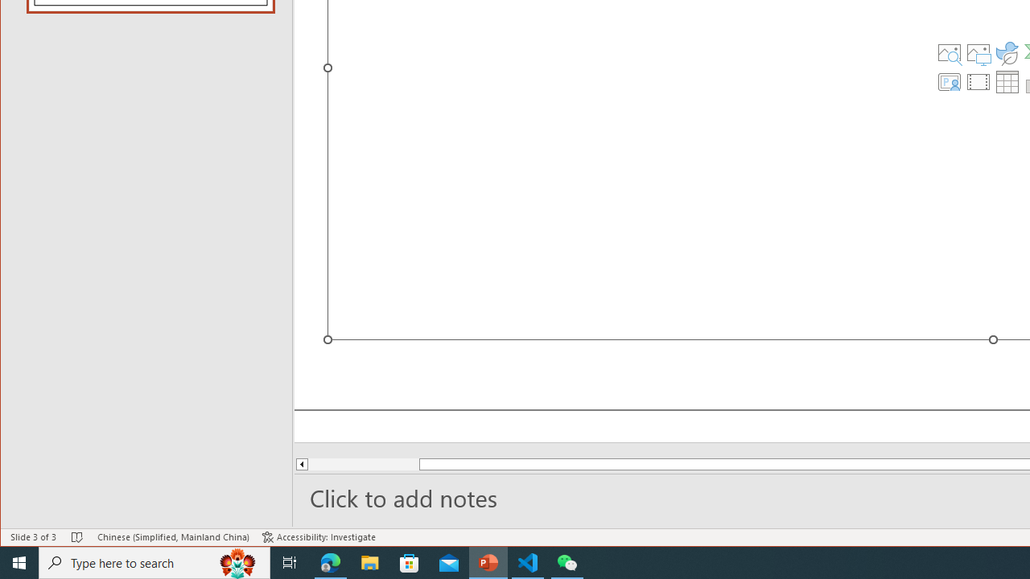 The height and width of the screenshot is (579, 1030). What do you see at coordinates (978, 81) in the screenshot?
I see `'Insert Video'` at bounding box center [978, 81].